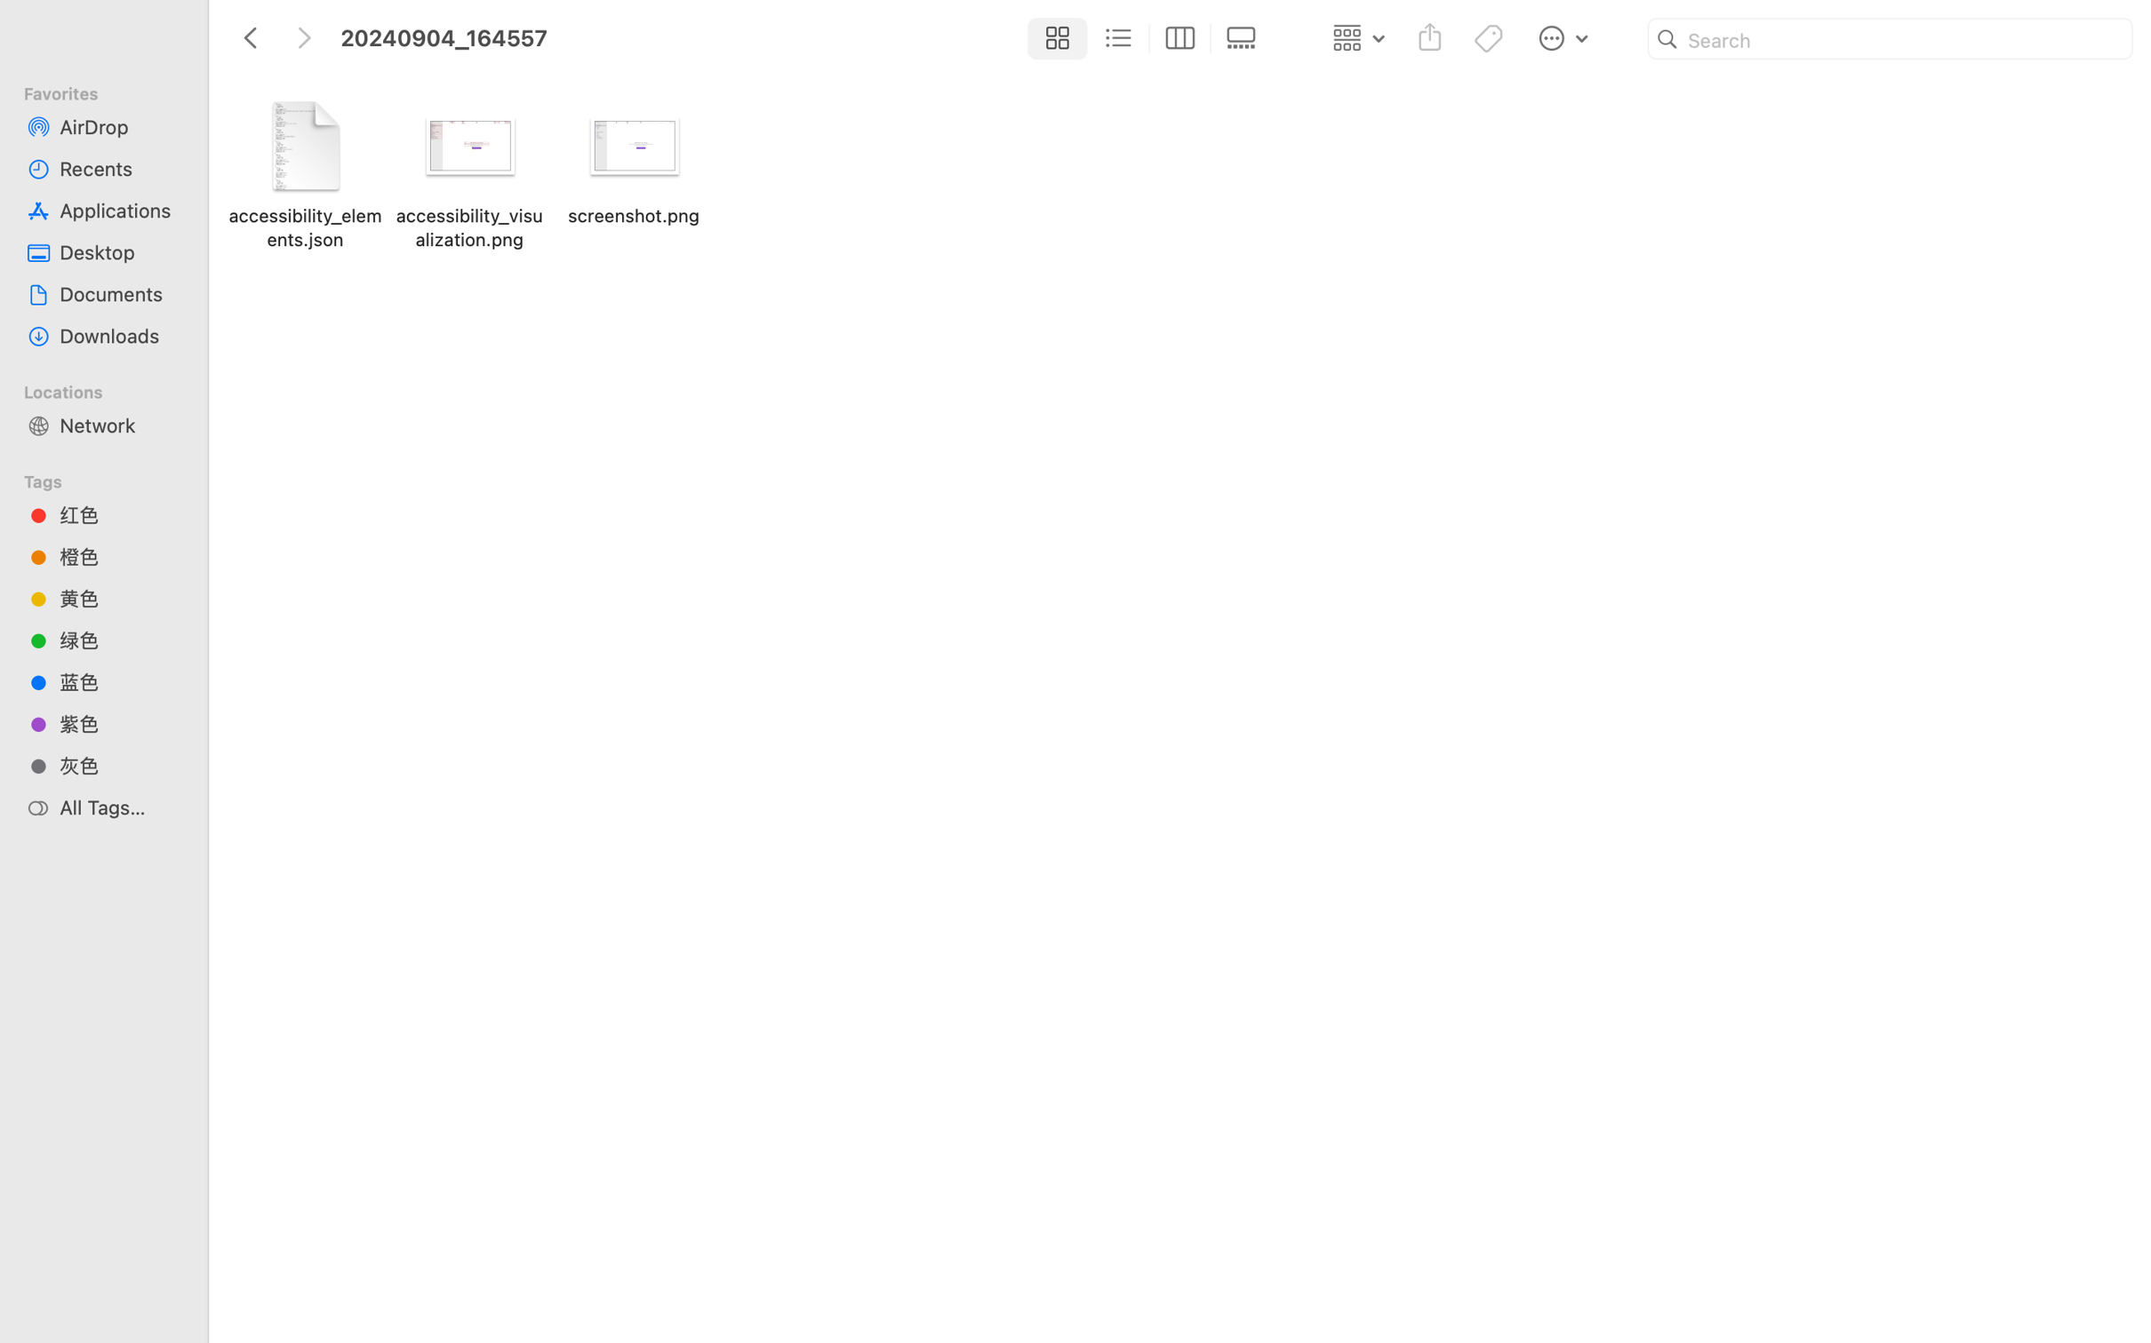 This screenshot has height=1343, width=2151. Describe the element at coordinates (111, 91) in the screenshot. I see `'Favorites'` at that location.